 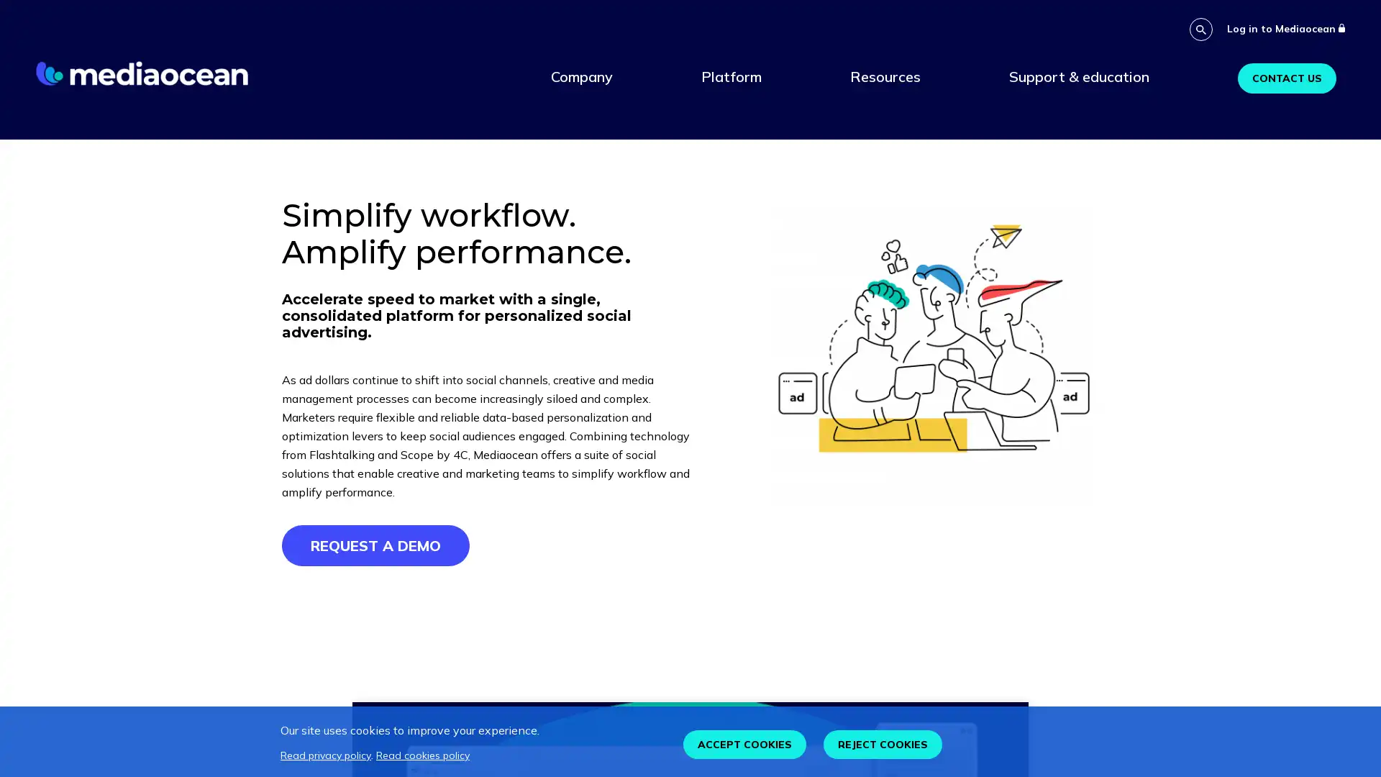 I want to click on ACCEPT COOKIES, so click(x=744, y=743).